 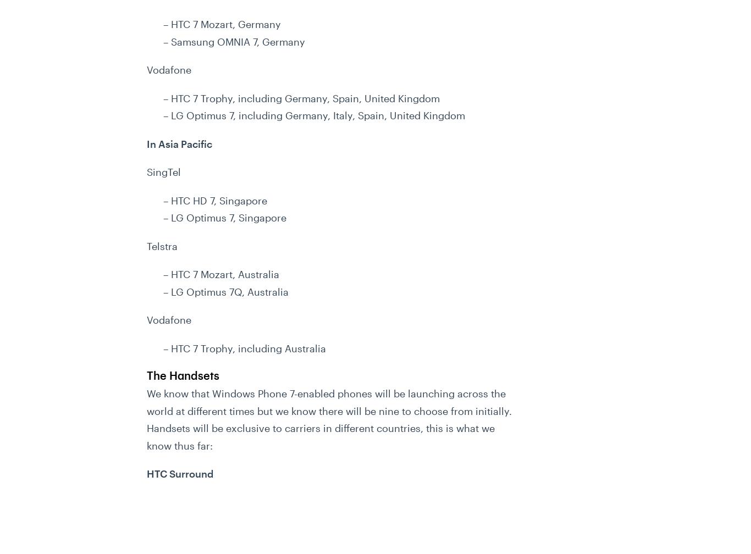 What do you see at coordinates (328, 419) in the screenshot?
I see `'We know that Windows Phone 7-enabled phones will be launching across the world at different times but we know there will be nine to choose from initially. Handsets will be exclusive to carriers in different countries, this is what we know thus far:'` at bounding box center [328, 419].